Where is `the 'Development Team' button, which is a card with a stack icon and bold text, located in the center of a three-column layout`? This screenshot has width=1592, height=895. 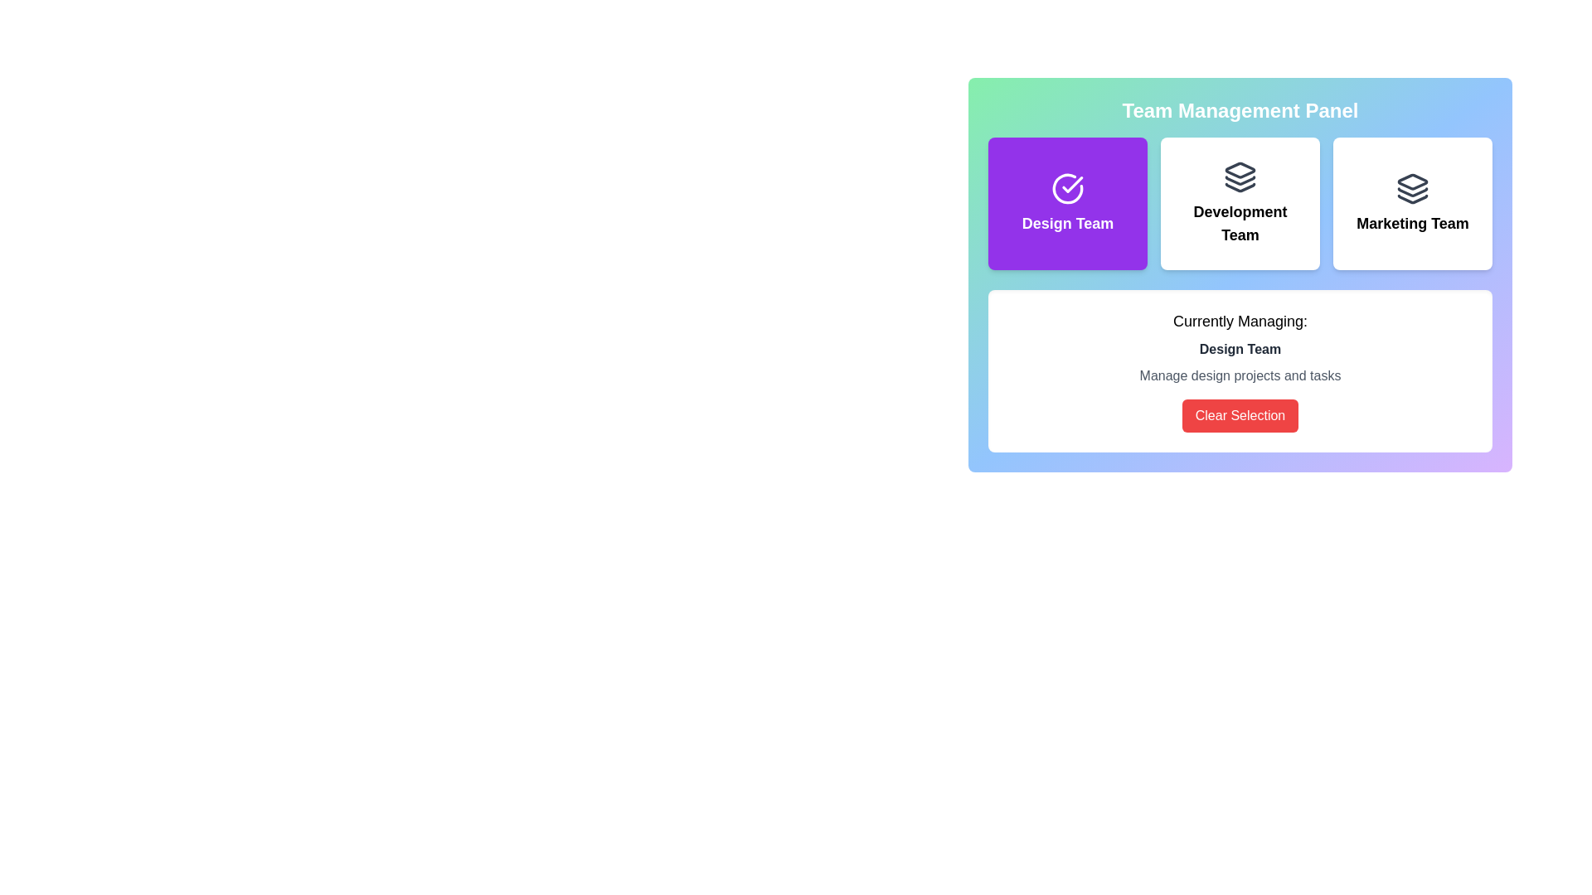 the 'Development Team' button, which is a card with a stack icon and bold text, located in the center of a three-column layout is located at coordinates (1240, 203).